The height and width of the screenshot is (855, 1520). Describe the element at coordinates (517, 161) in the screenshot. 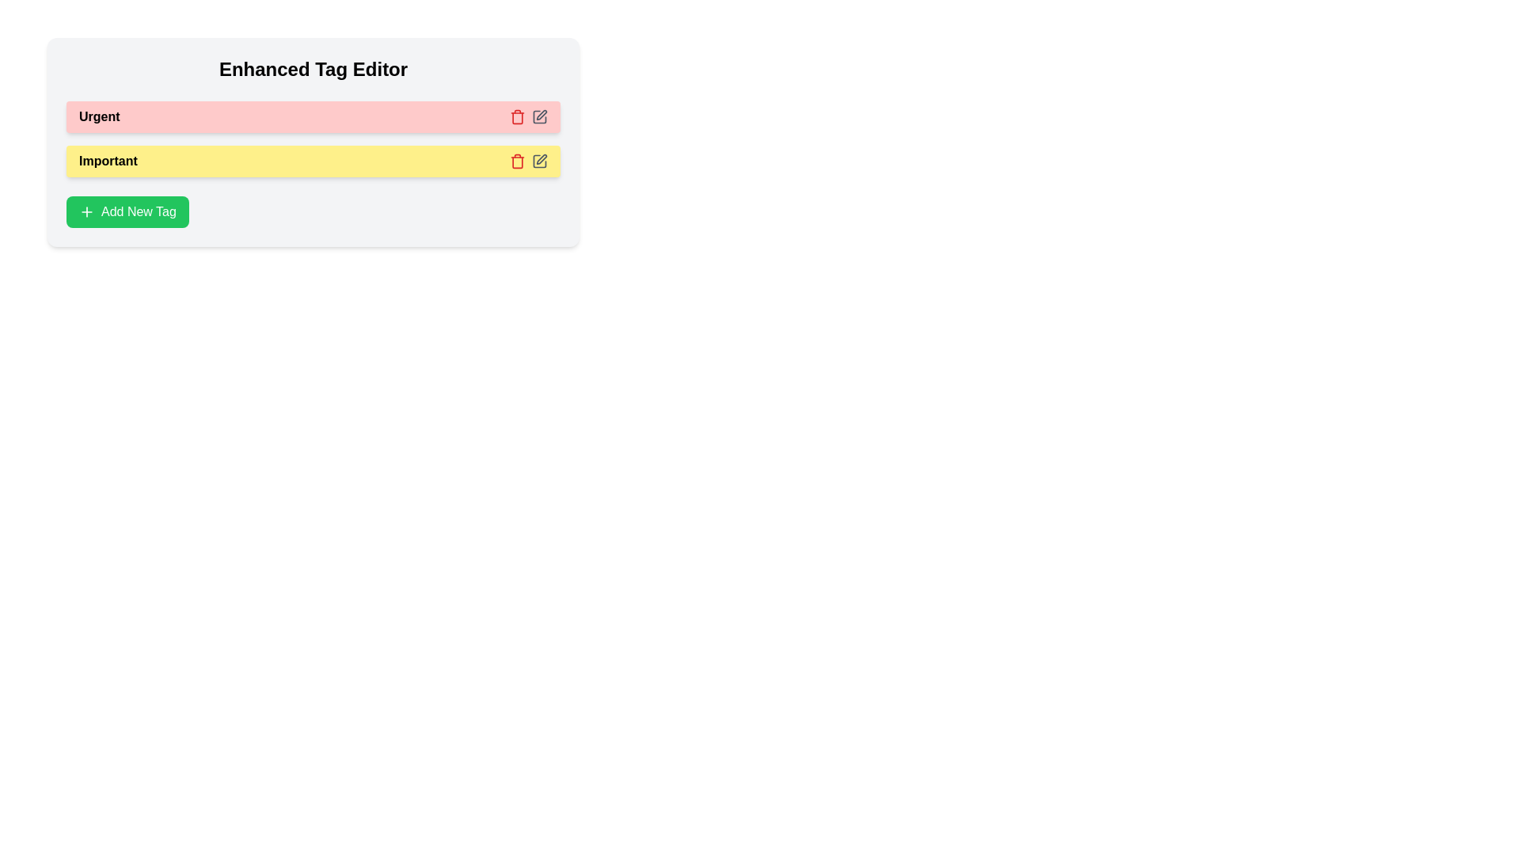

I see `the trash icon located to the right of the yellow-highlighted 'Important' tag` at that location.